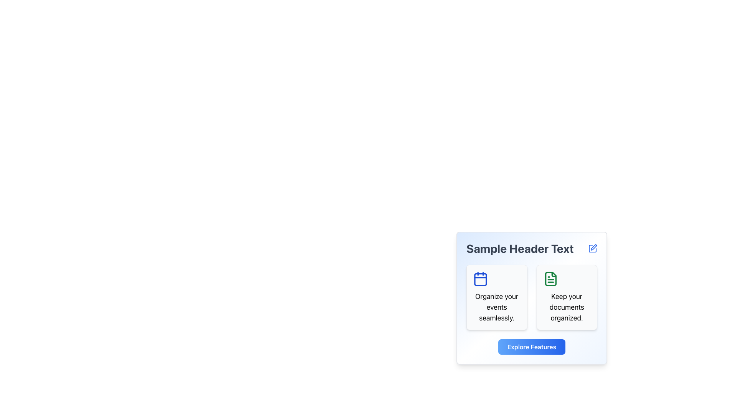 The image size is (737, 415). What do you see at coordinates (550, 279) in the screenshot?
I see `the green document icon with text lines located in the second card below the main header, above the text 'Keep your documents organized.'` at bounding box center [550, 279].